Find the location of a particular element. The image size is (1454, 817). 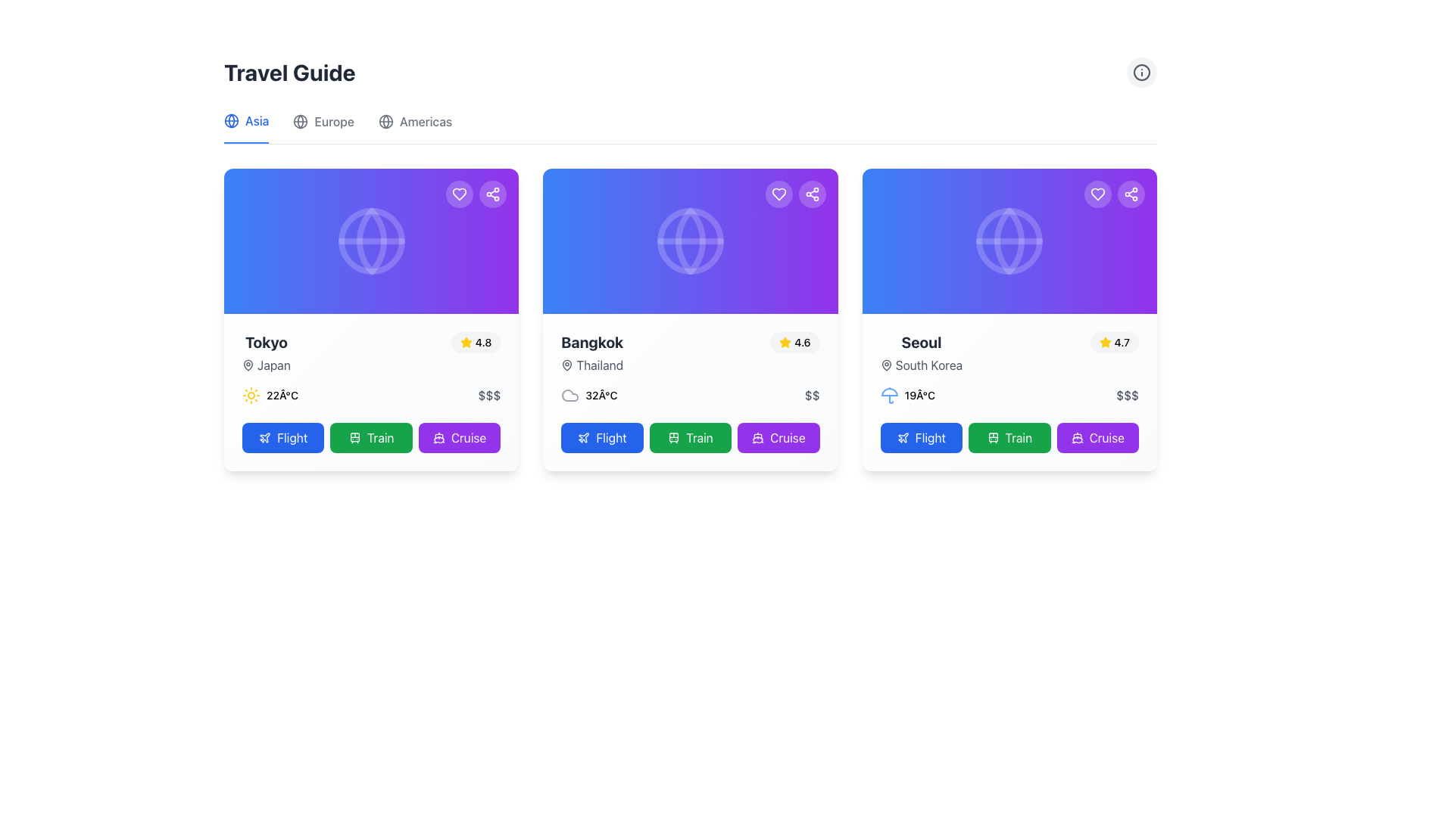

the Decorative Icon located in the upper section of the Bangkok card, which is the second card in a row of horizontally aligned cards is located at coordinates (690, 241).